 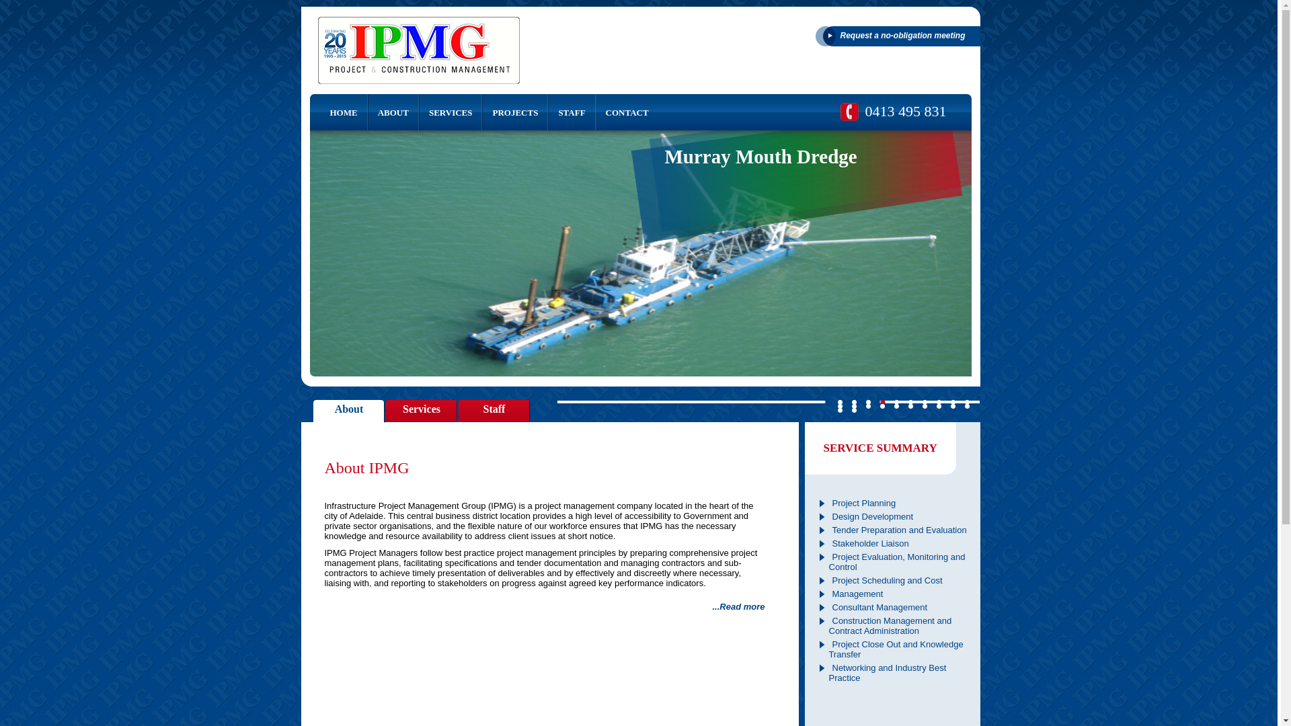 I want to click on '11', so click(x=837, y=405).